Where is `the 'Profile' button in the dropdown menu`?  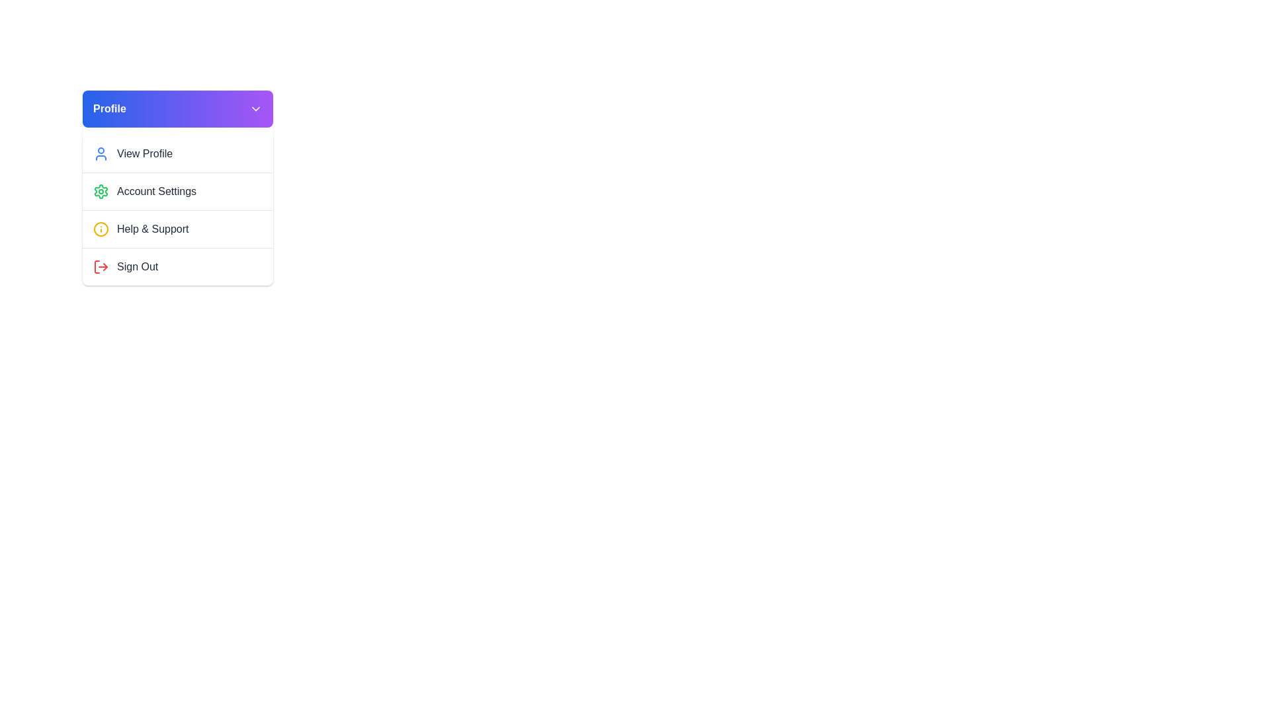 the 'Profile' button in the dropdown menu is located at coordinates (177, 153).